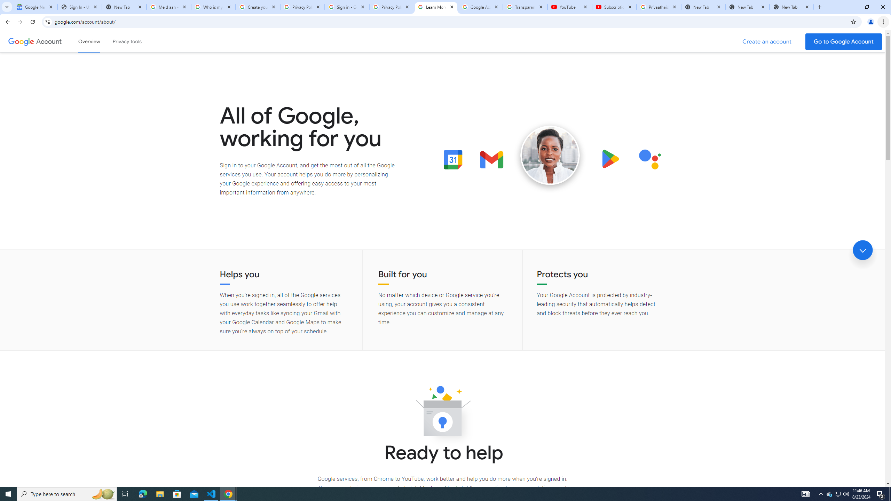  I want to click on 'Privacy tools', so click(126, 41).